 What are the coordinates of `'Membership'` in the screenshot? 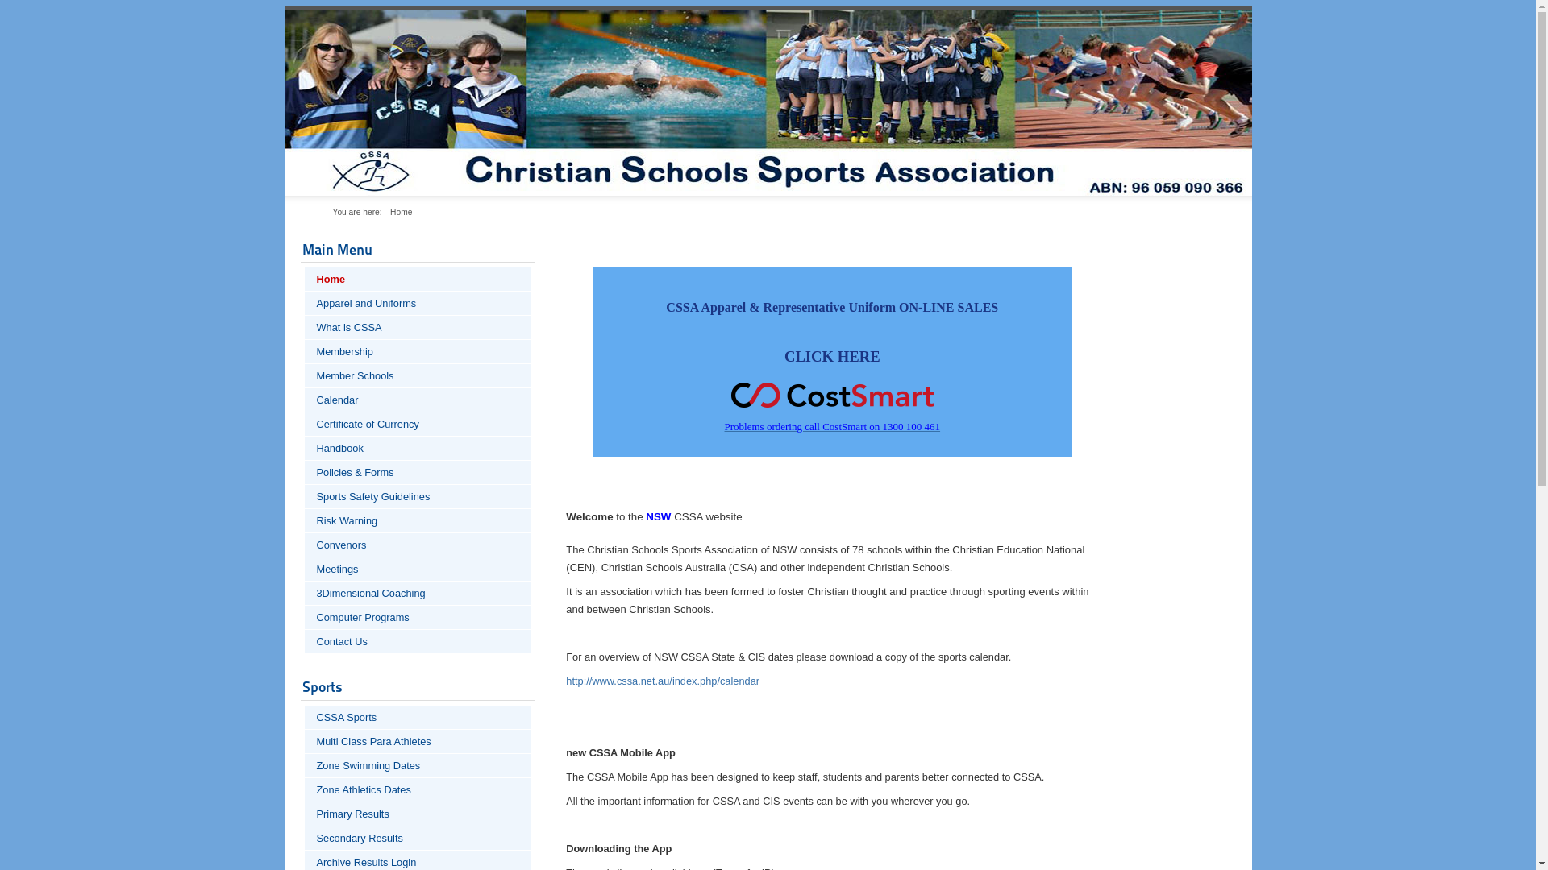 It's located at (305, 350).